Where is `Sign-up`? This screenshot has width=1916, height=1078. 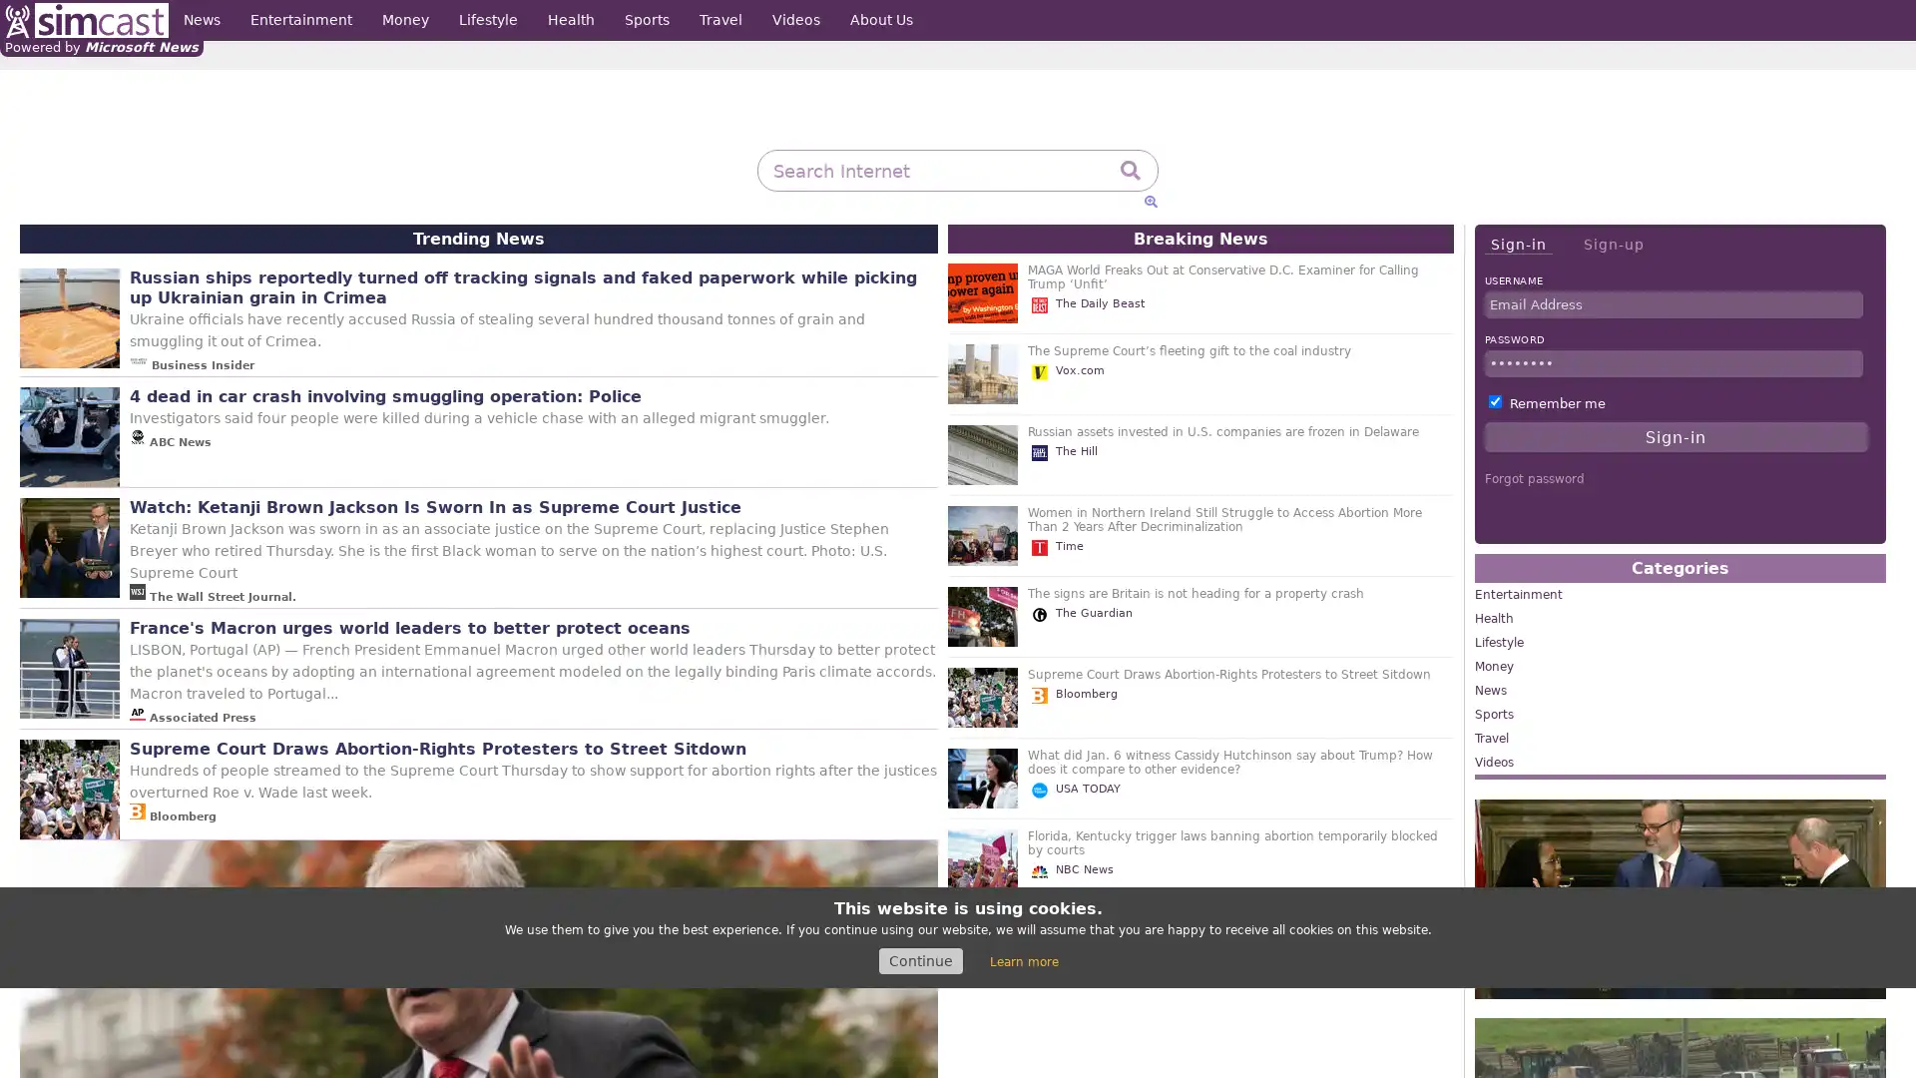 Sign-up is located at coordinates (1613, 244).